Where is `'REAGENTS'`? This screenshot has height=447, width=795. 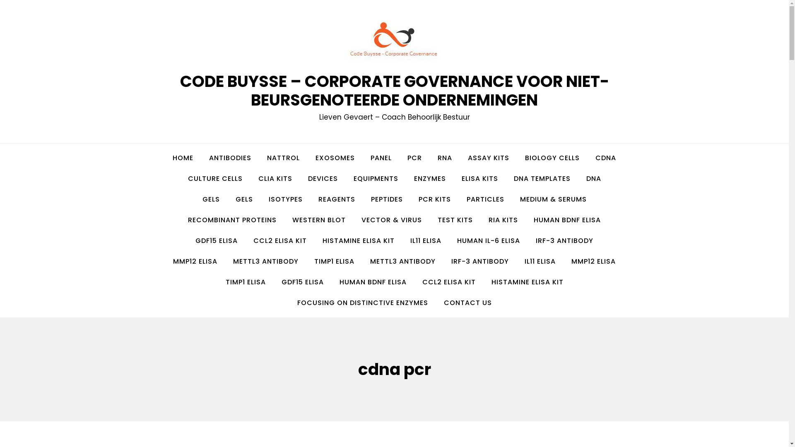 'REAGENTS' is located at coordinates (337, 199).